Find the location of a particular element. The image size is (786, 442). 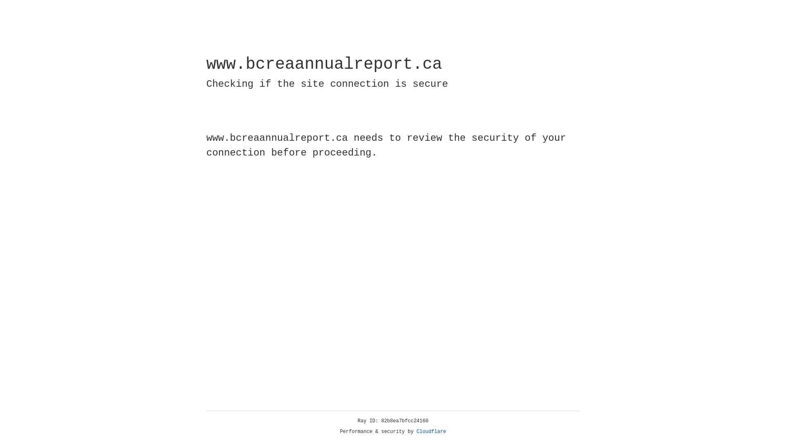

'Cloudflare' is located at coordinates (416, 431).